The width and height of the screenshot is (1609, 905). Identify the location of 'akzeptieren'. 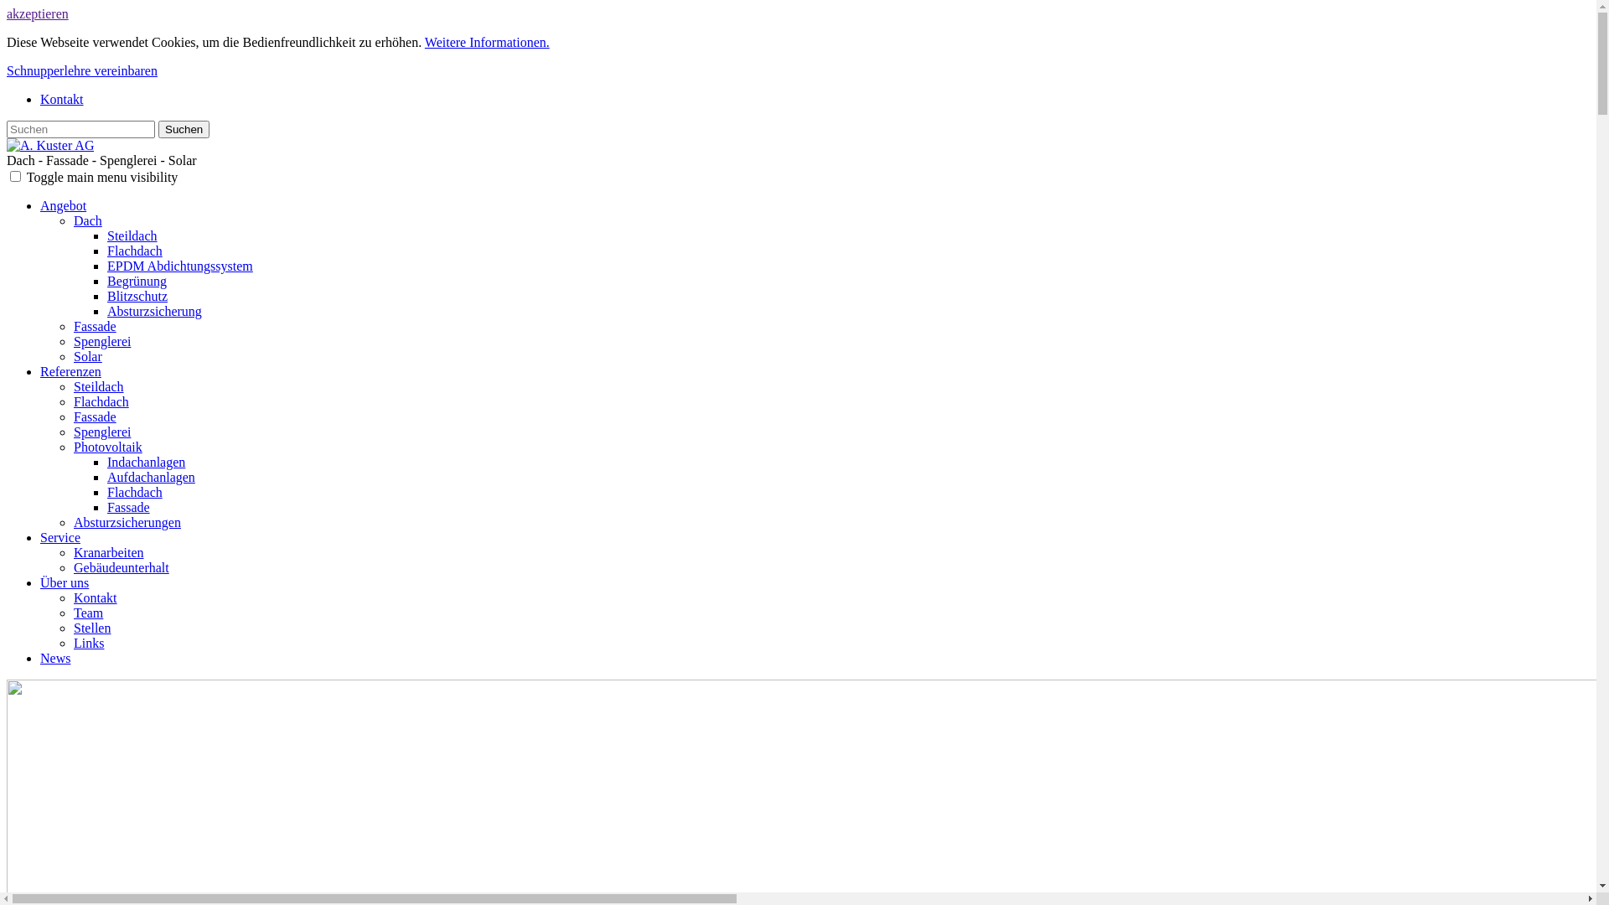
(37, 13).